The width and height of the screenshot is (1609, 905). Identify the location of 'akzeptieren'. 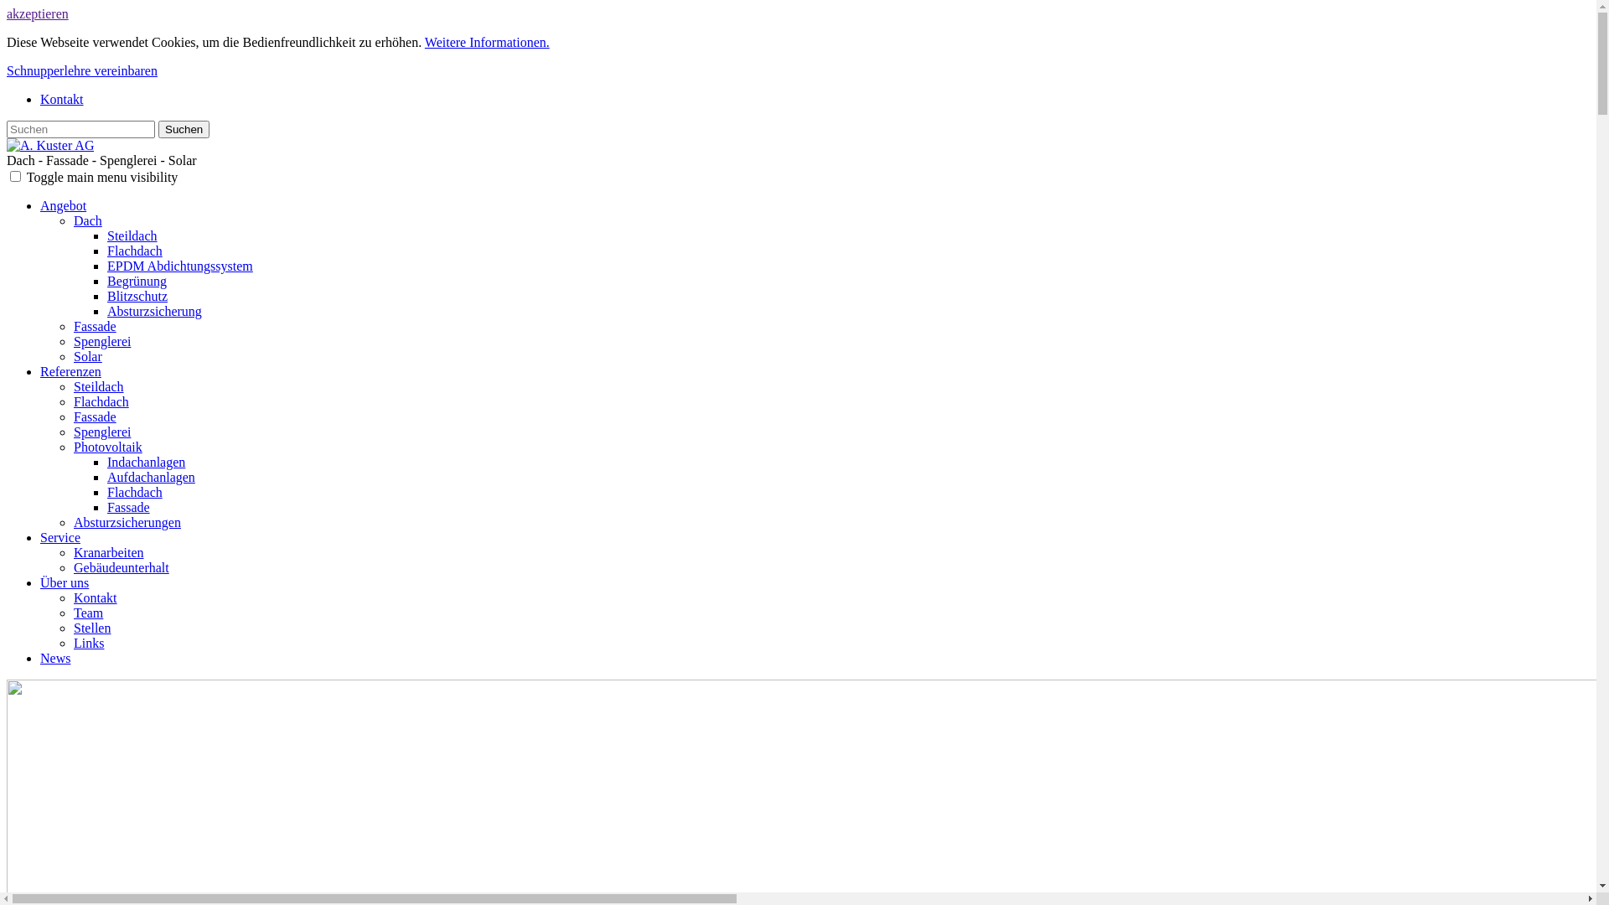
(37, 13).